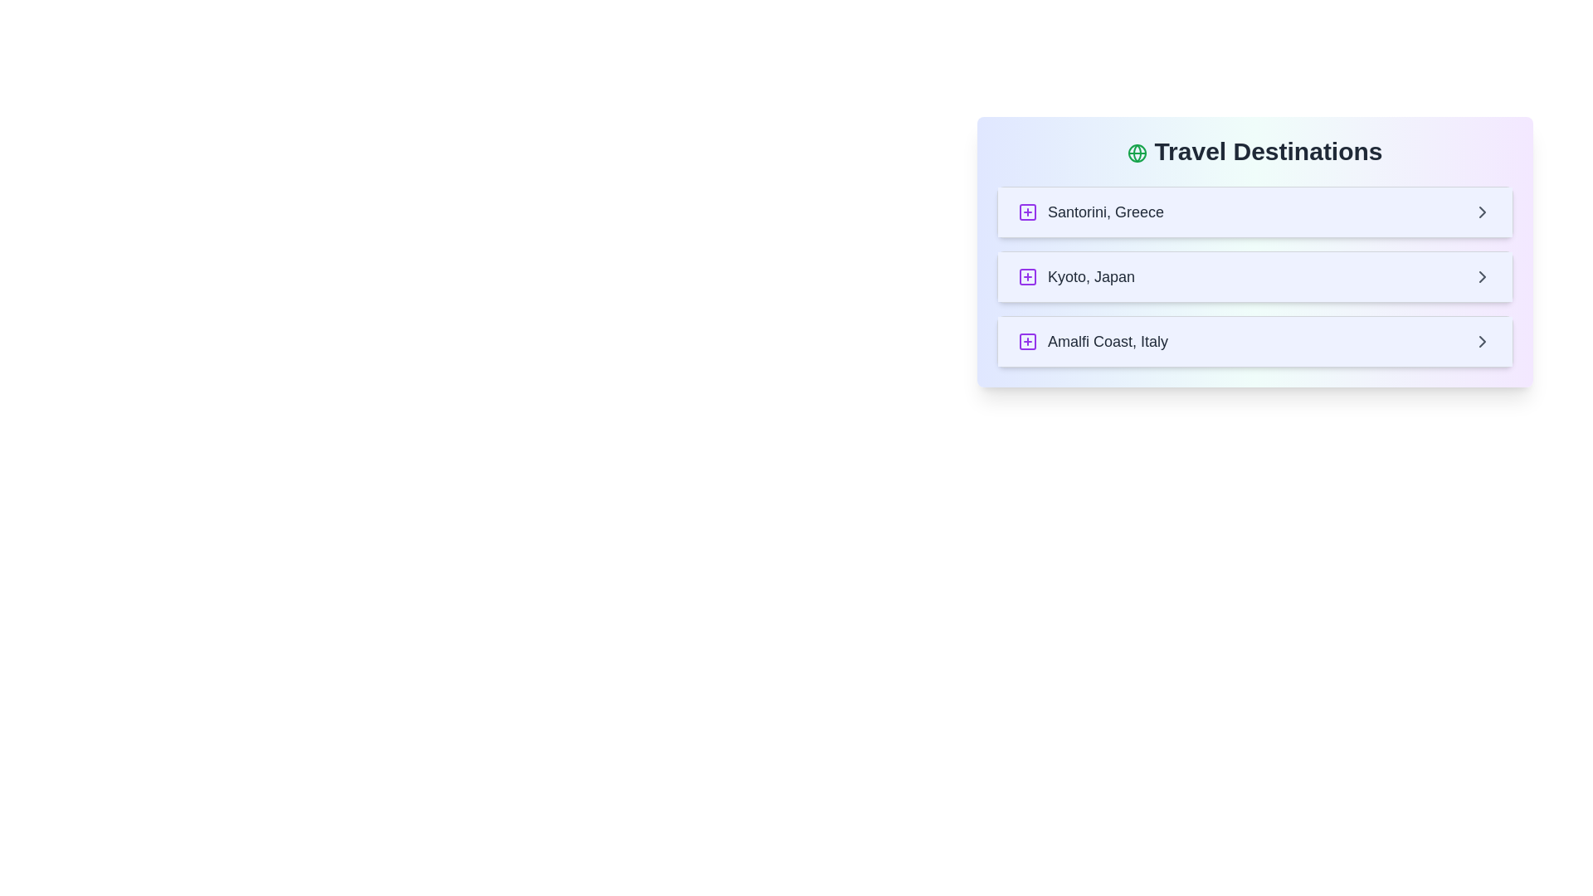 The width and height of the screenshot is (1593, 896). What do you see at coordinates (1254, 276) in the screenshot?
I see `the List item displaying 'Kyoto, Japan' with a light blue background` at bounding box center [1254, 276].